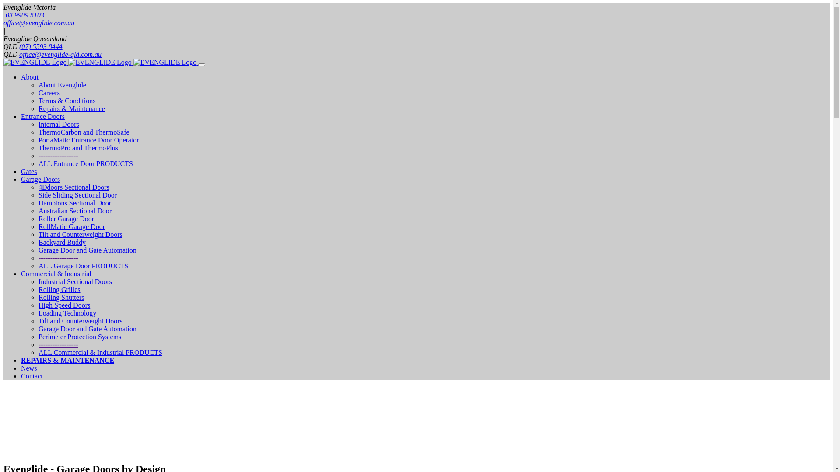 The image size is (840, 472). I want to click on 'About', so click(29, 76).